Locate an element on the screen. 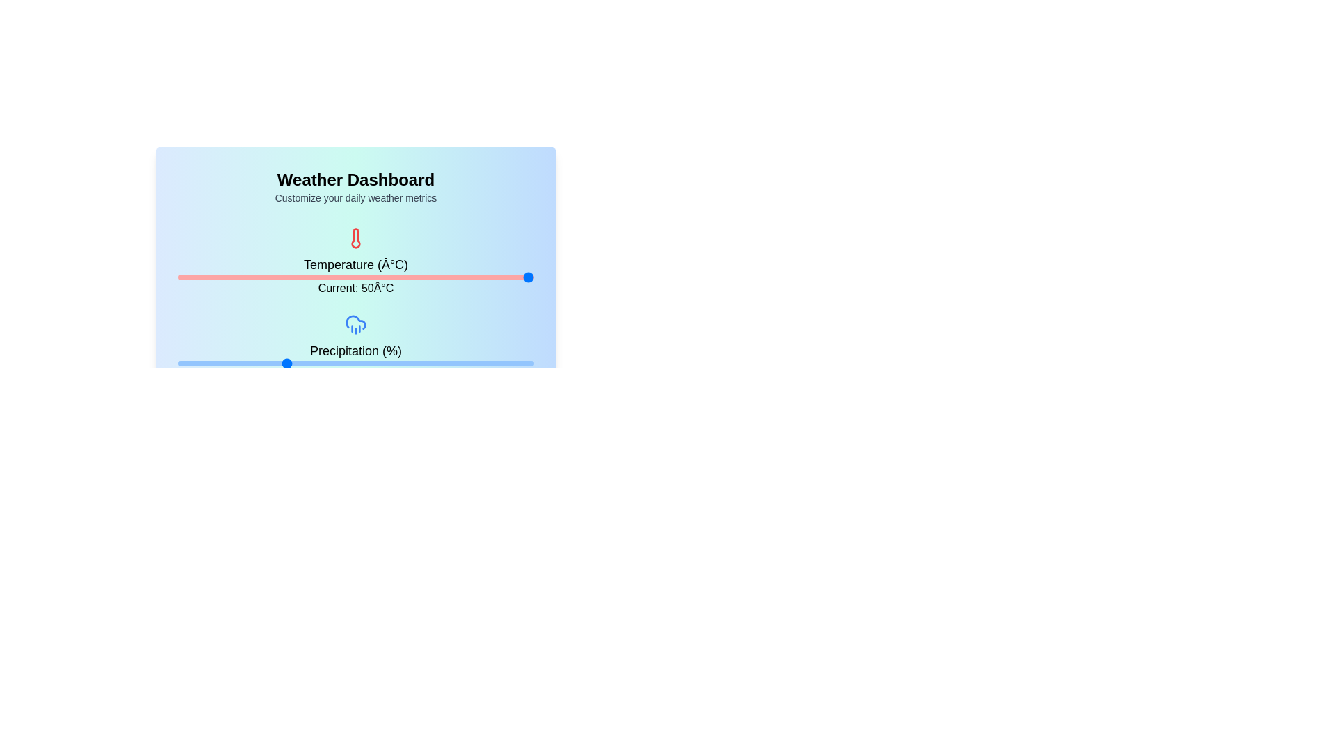 This screenshot has width=1335, height=751. temperature is located at coordinates (478, 277).